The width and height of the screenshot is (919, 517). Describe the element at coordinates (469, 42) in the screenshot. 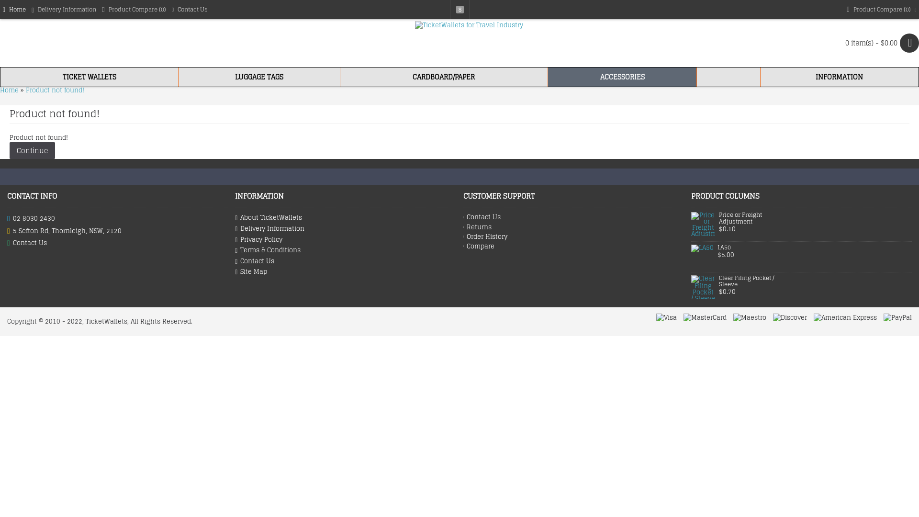

I see `'TicketWallets for Travel Industry'` at that location.